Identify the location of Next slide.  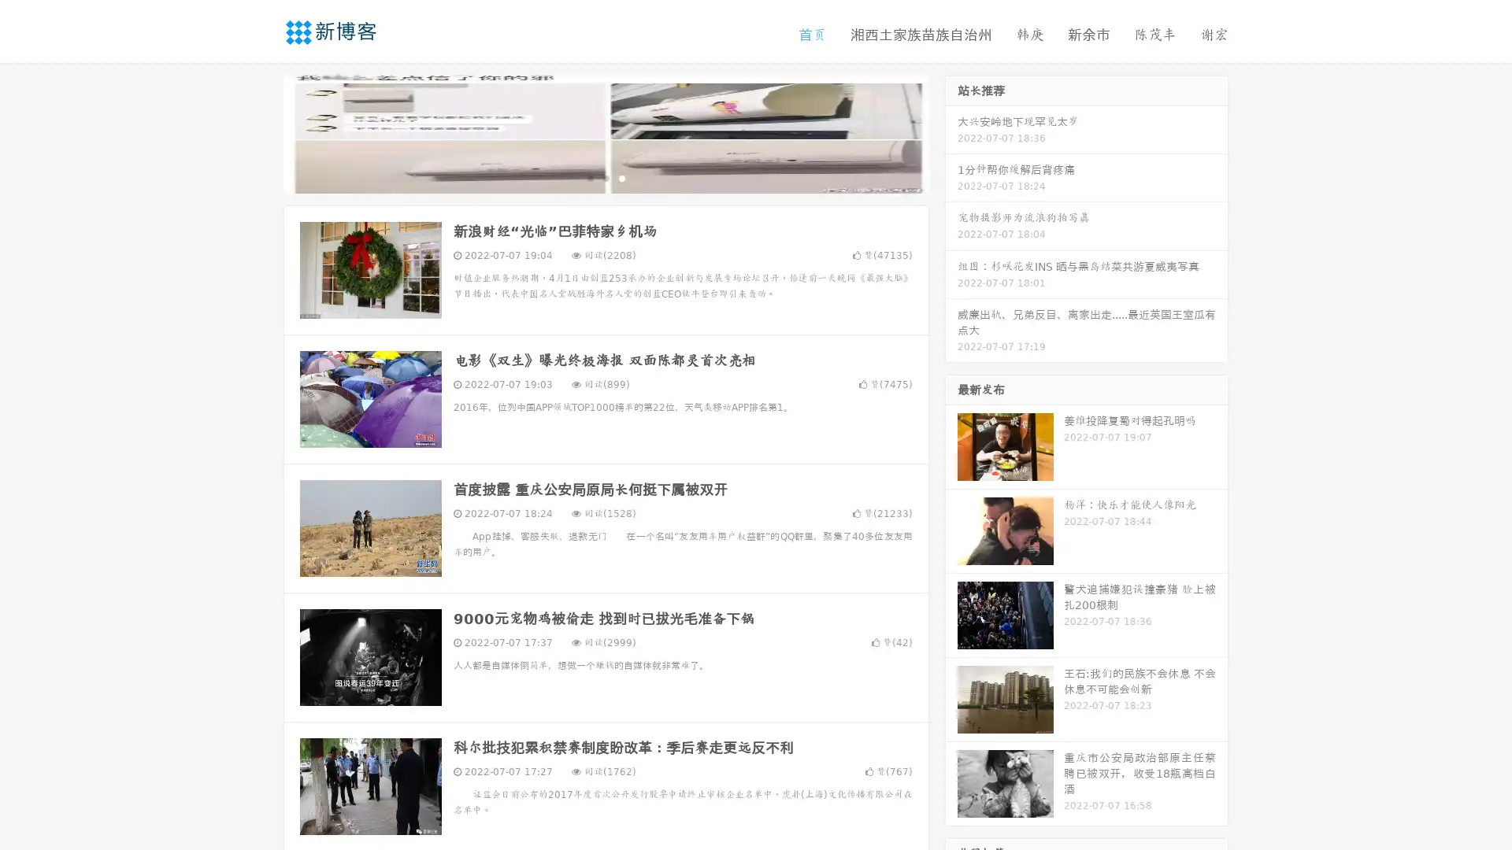
(951, 132).